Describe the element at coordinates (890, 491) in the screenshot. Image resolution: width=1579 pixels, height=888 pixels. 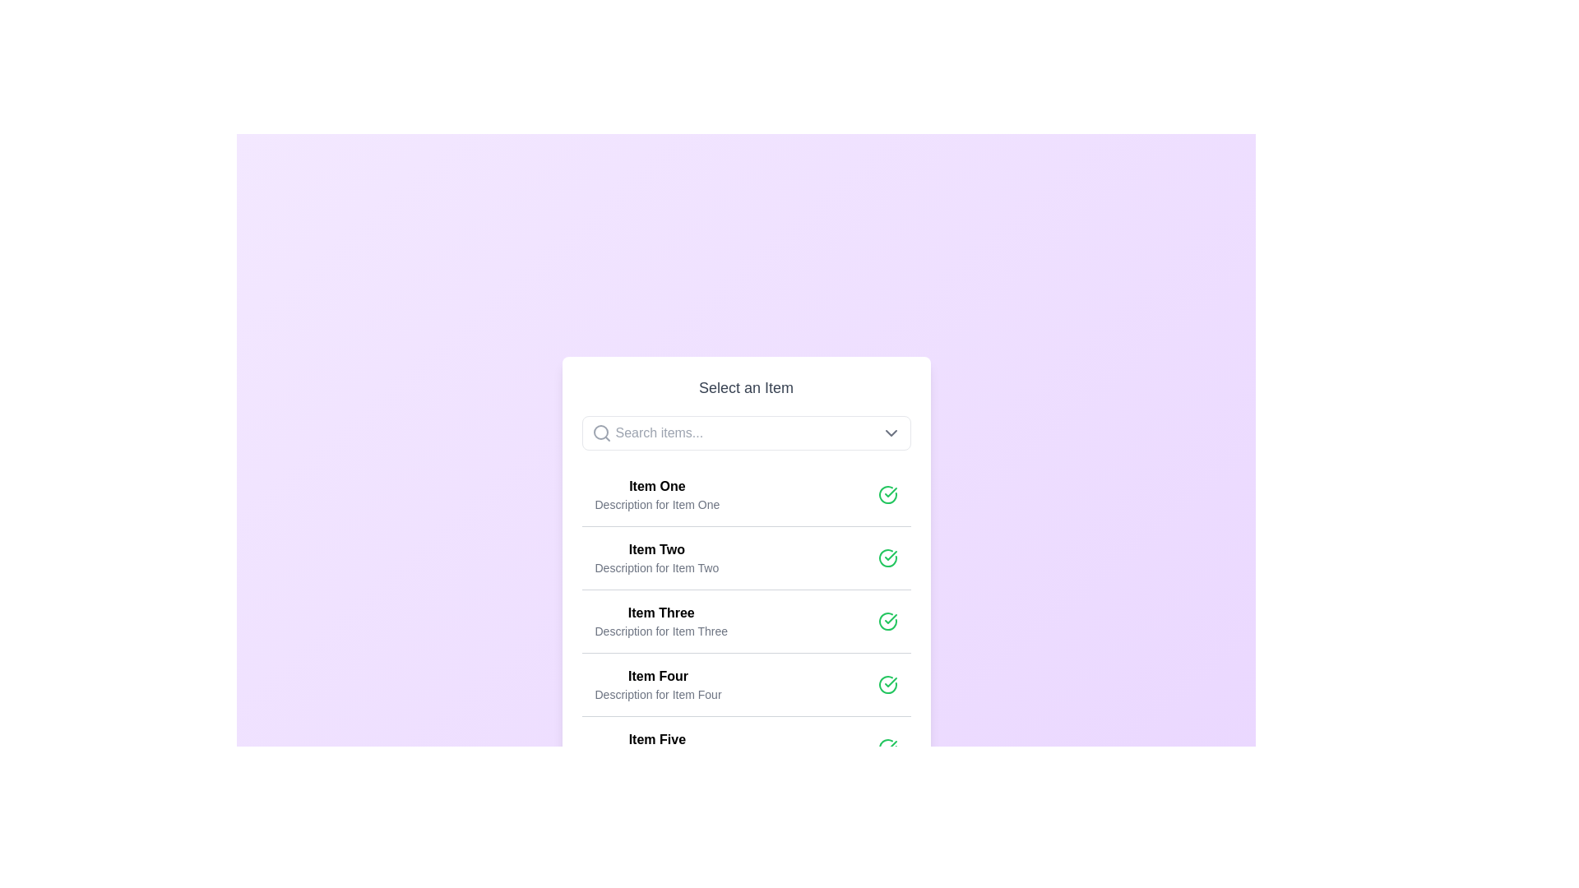
I see `the checkmark icon to confirm the selection of 'Item Two' in the list` at that location.